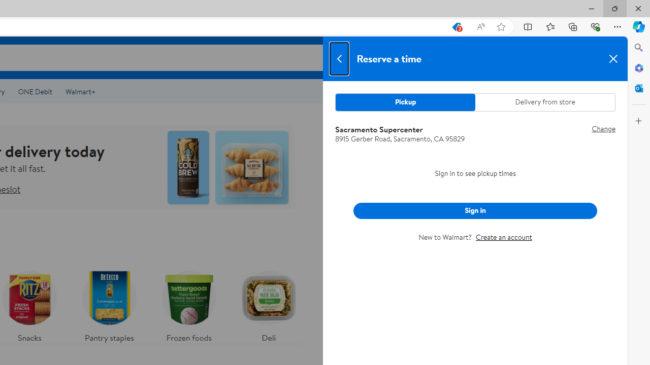 The image size is (650, 365). I want to click on 'ONE Debit', so click(35, 92).